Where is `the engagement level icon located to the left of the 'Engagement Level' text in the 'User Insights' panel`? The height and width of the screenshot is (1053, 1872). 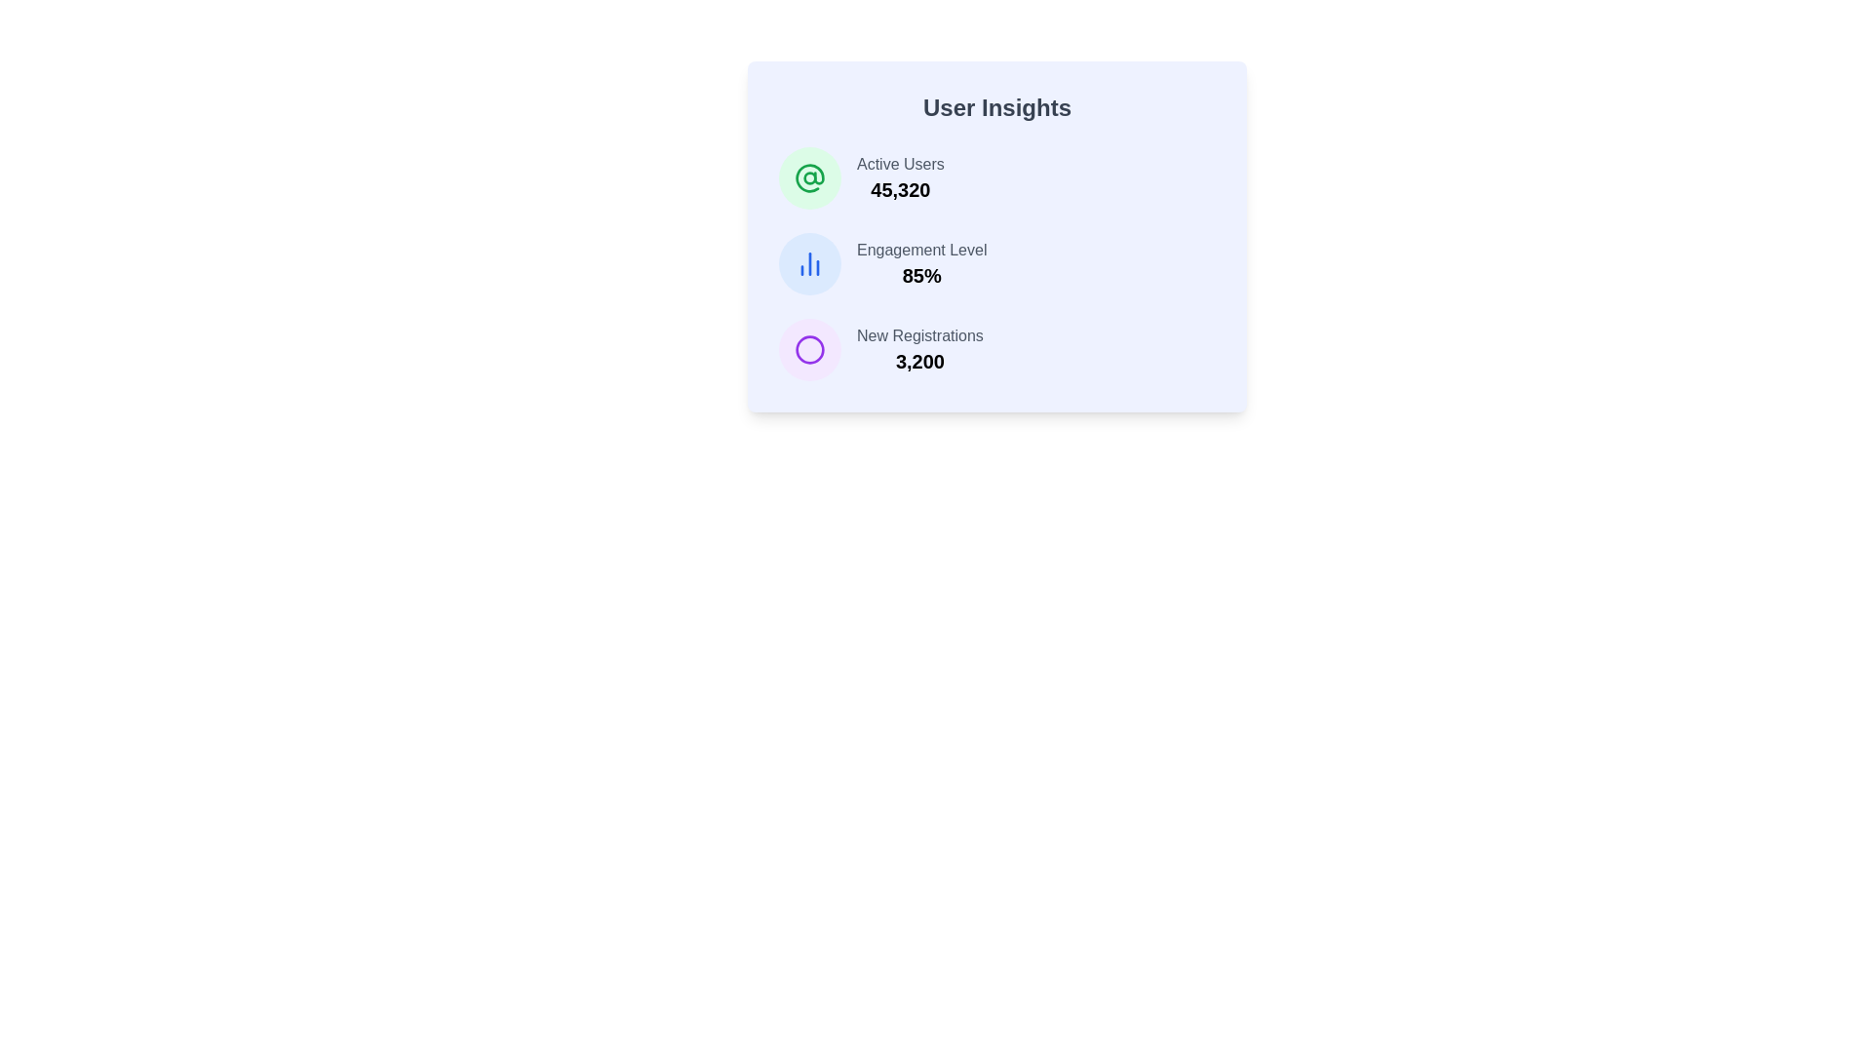 the engagement level icon located to the left of the 'Engagement Level' text in the 'User Insights' panel is located at coordinates (809, 263).